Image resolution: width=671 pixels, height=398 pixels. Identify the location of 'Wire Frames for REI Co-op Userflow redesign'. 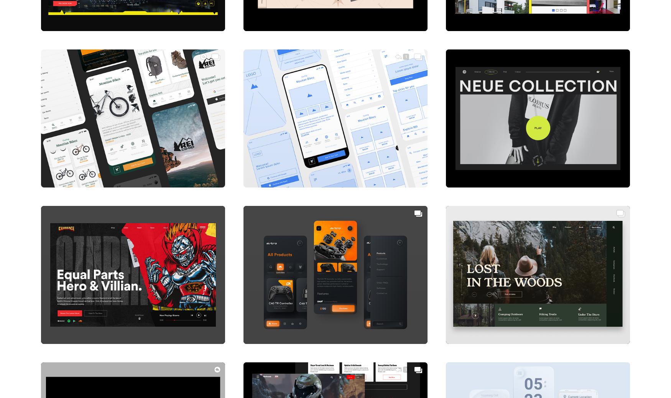
(316, 171).